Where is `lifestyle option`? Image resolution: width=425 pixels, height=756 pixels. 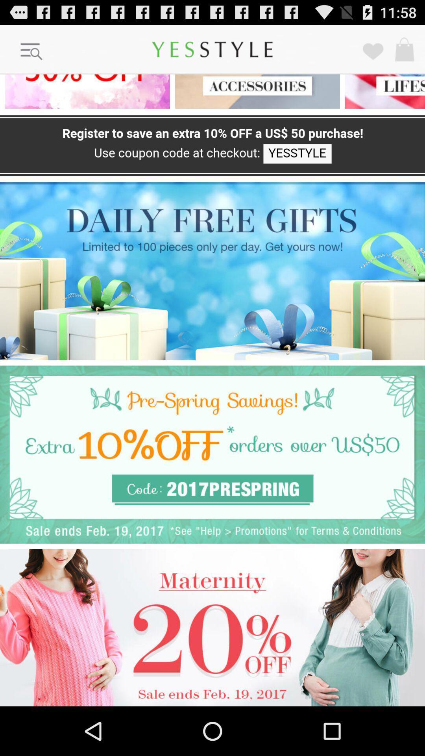
lifestyle option is located at coordinates (382, 91).